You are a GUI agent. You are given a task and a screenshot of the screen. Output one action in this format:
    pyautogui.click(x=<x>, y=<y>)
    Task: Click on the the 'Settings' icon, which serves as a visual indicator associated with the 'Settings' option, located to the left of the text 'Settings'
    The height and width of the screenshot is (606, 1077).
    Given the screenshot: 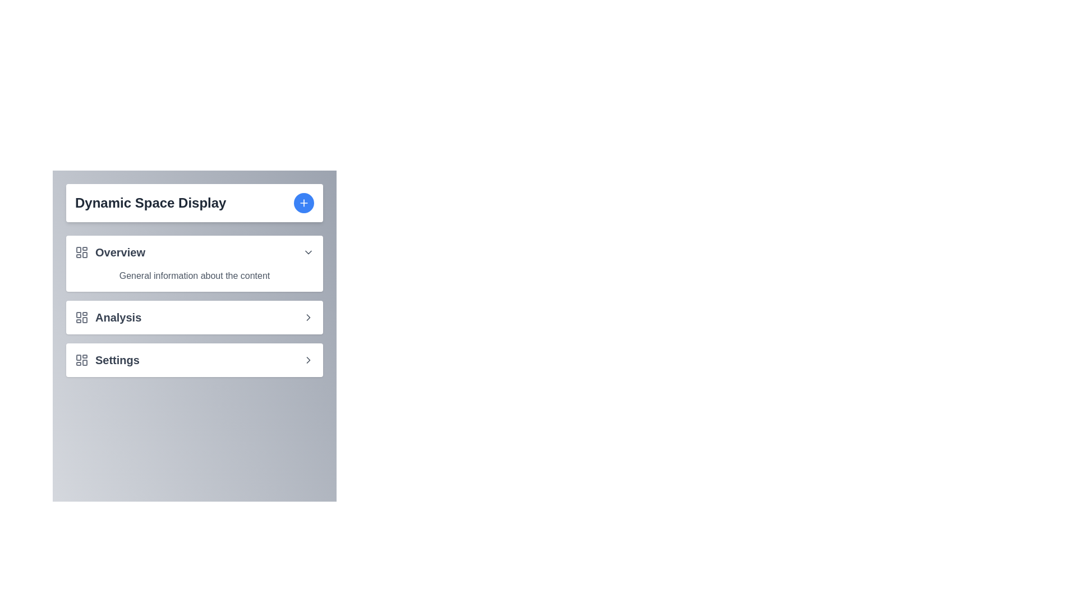 What is the action you would take?
    pyautogui.click(x=81, y=360)
    